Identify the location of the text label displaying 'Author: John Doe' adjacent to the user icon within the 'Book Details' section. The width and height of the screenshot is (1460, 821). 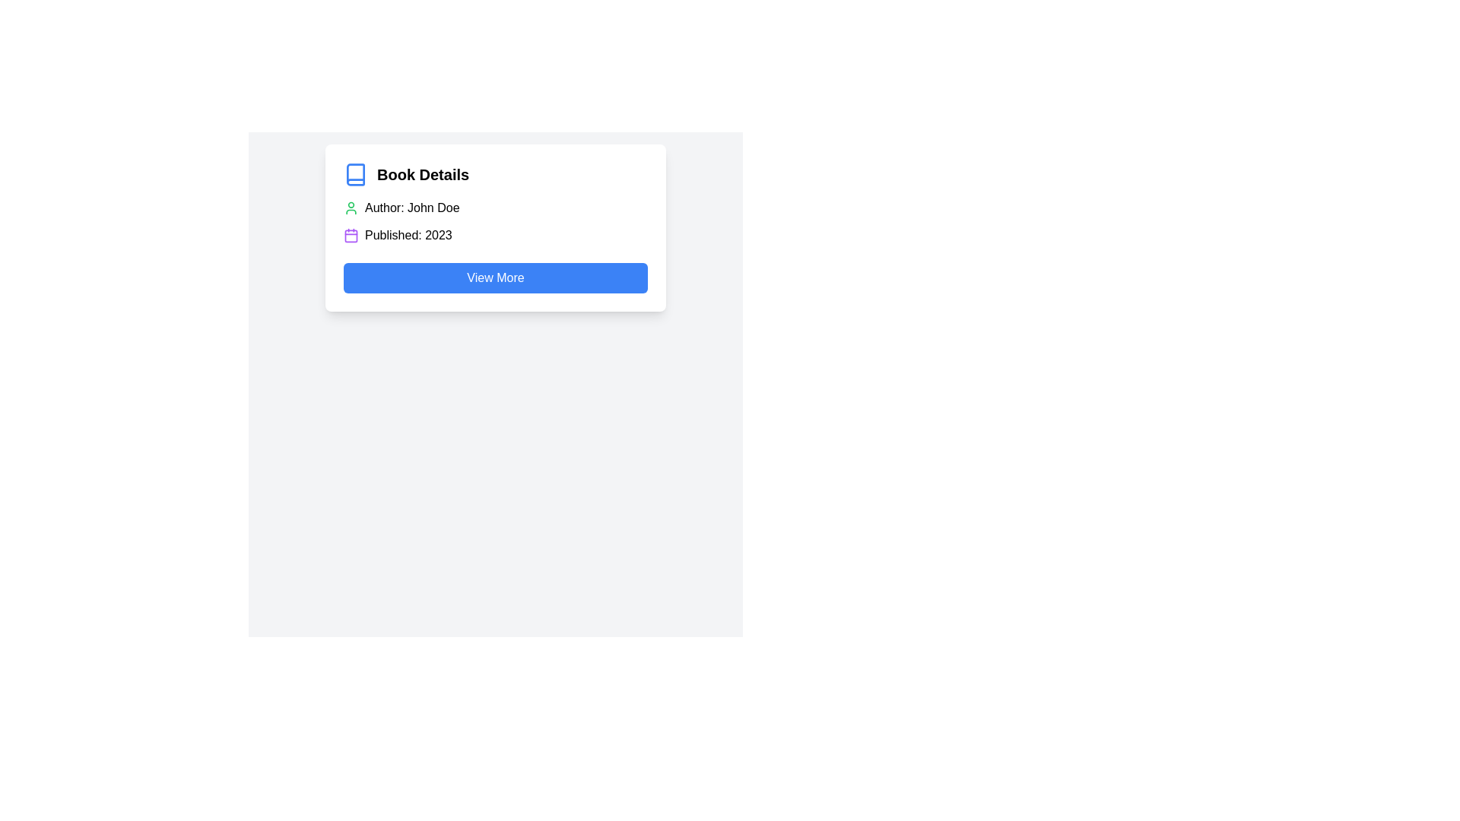
(412, 208).